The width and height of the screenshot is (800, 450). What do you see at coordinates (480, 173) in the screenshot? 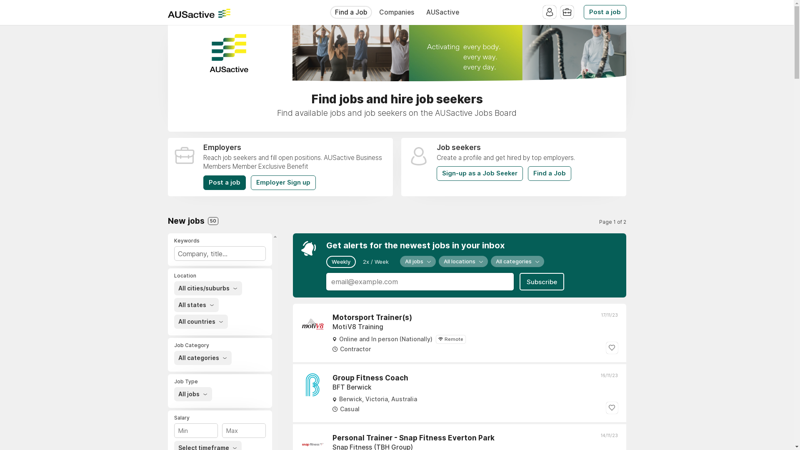
I see `'Sign-up as a Job Seeker'` at bounding box center [480, 173].